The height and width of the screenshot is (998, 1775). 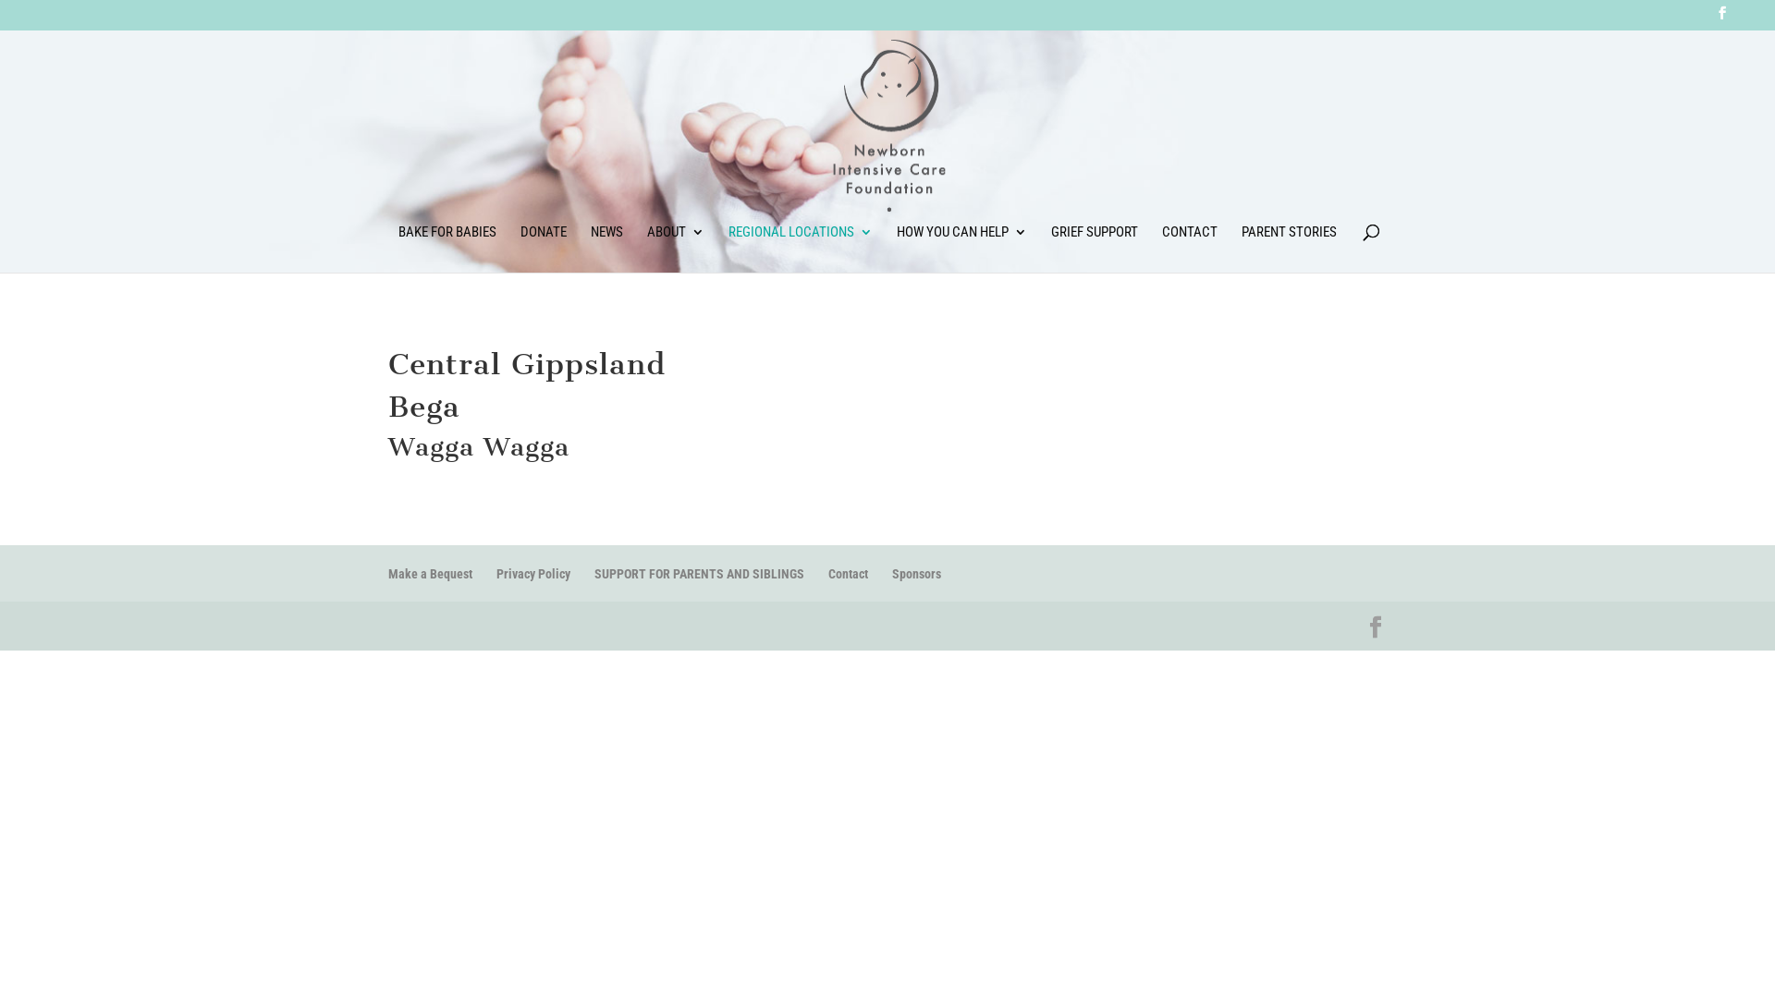 I want to click on 'Central Gippsland', so click(x=526, y=363).